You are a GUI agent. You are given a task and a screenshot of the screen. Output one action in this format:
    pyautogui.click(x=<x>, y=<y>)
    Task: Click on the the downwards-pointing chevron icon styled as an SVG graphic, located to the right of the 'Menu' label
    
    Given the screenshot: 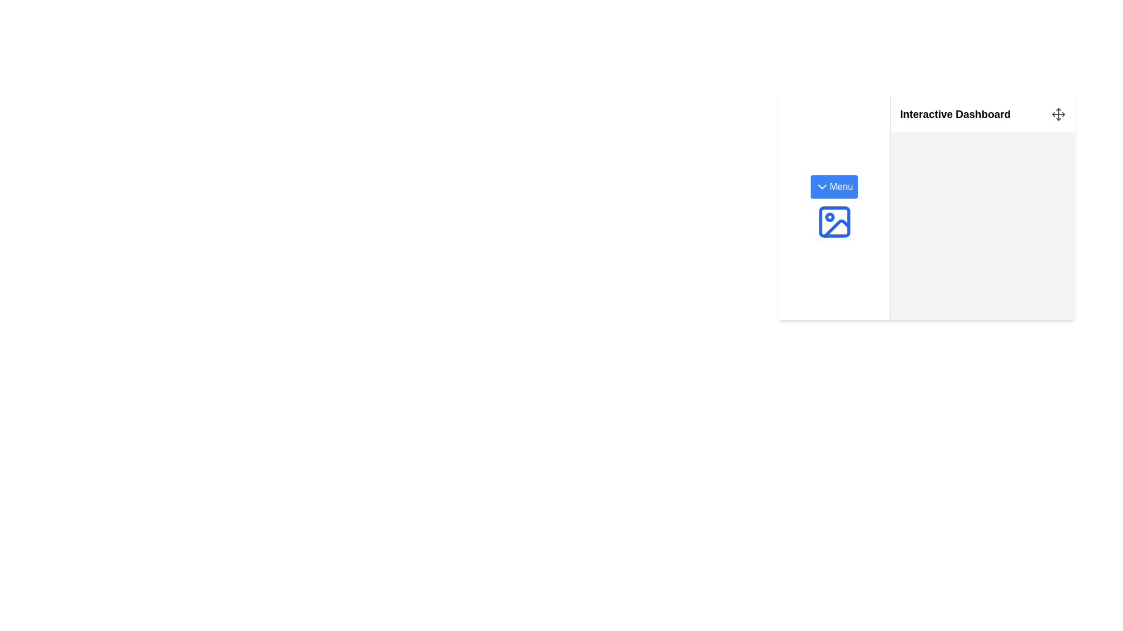 What is the action you would take?
    pyautogui.click(x=822, y=186)
    